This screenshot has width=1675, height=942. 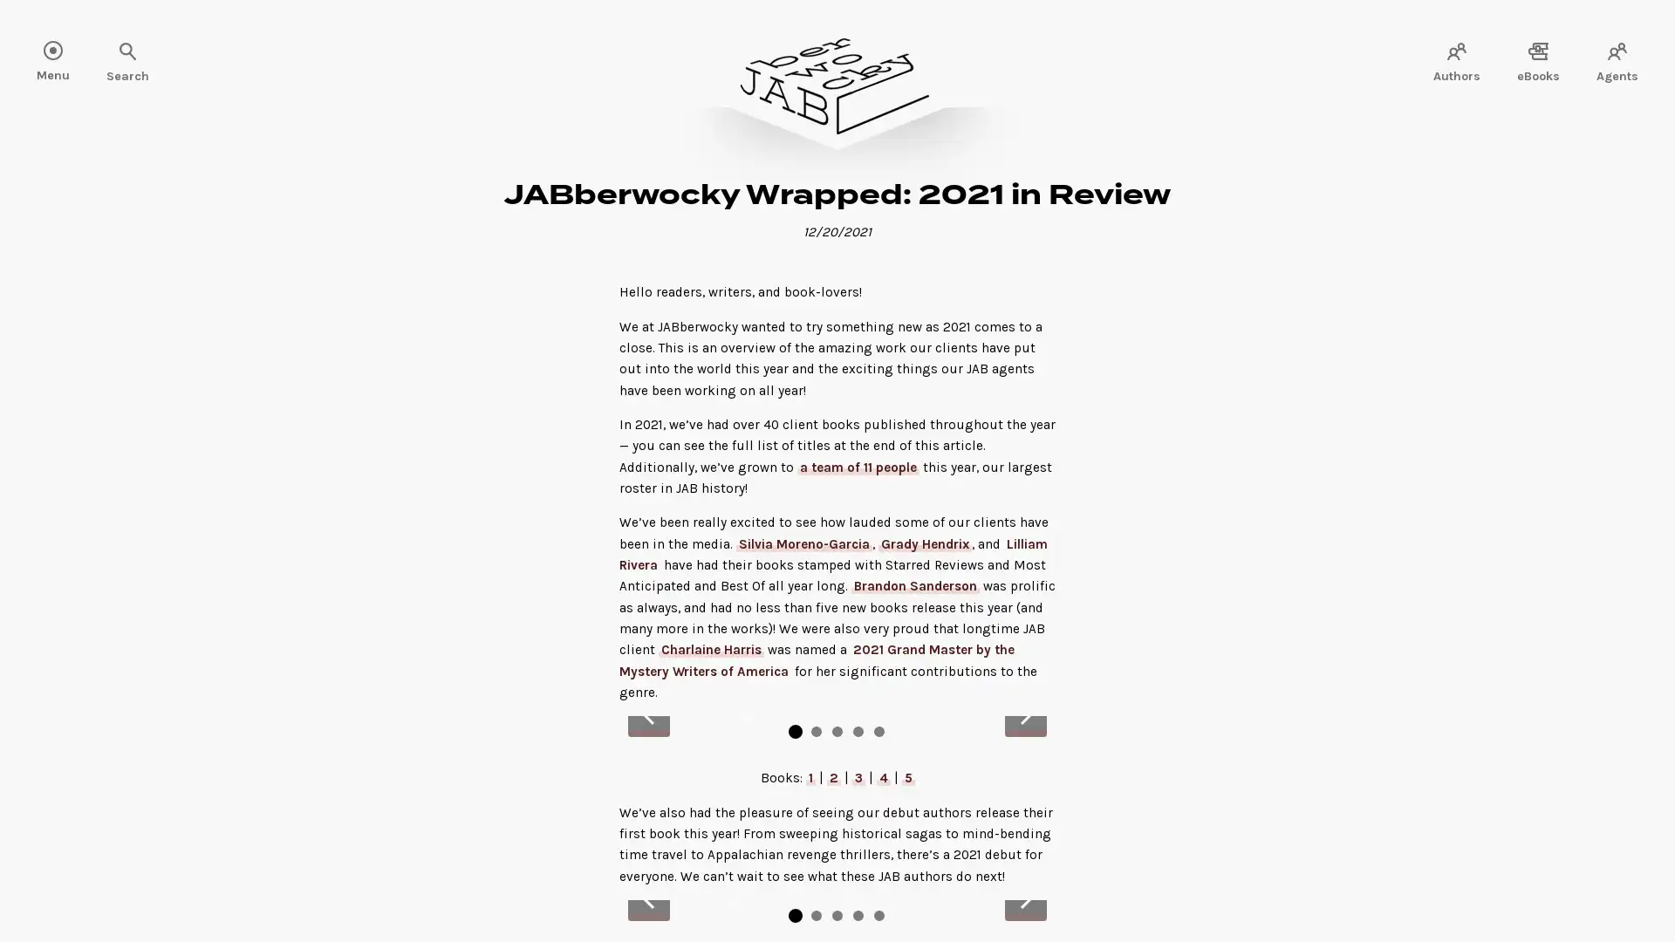 I want to click on Go to slide 1, so click(x=795, y=914).